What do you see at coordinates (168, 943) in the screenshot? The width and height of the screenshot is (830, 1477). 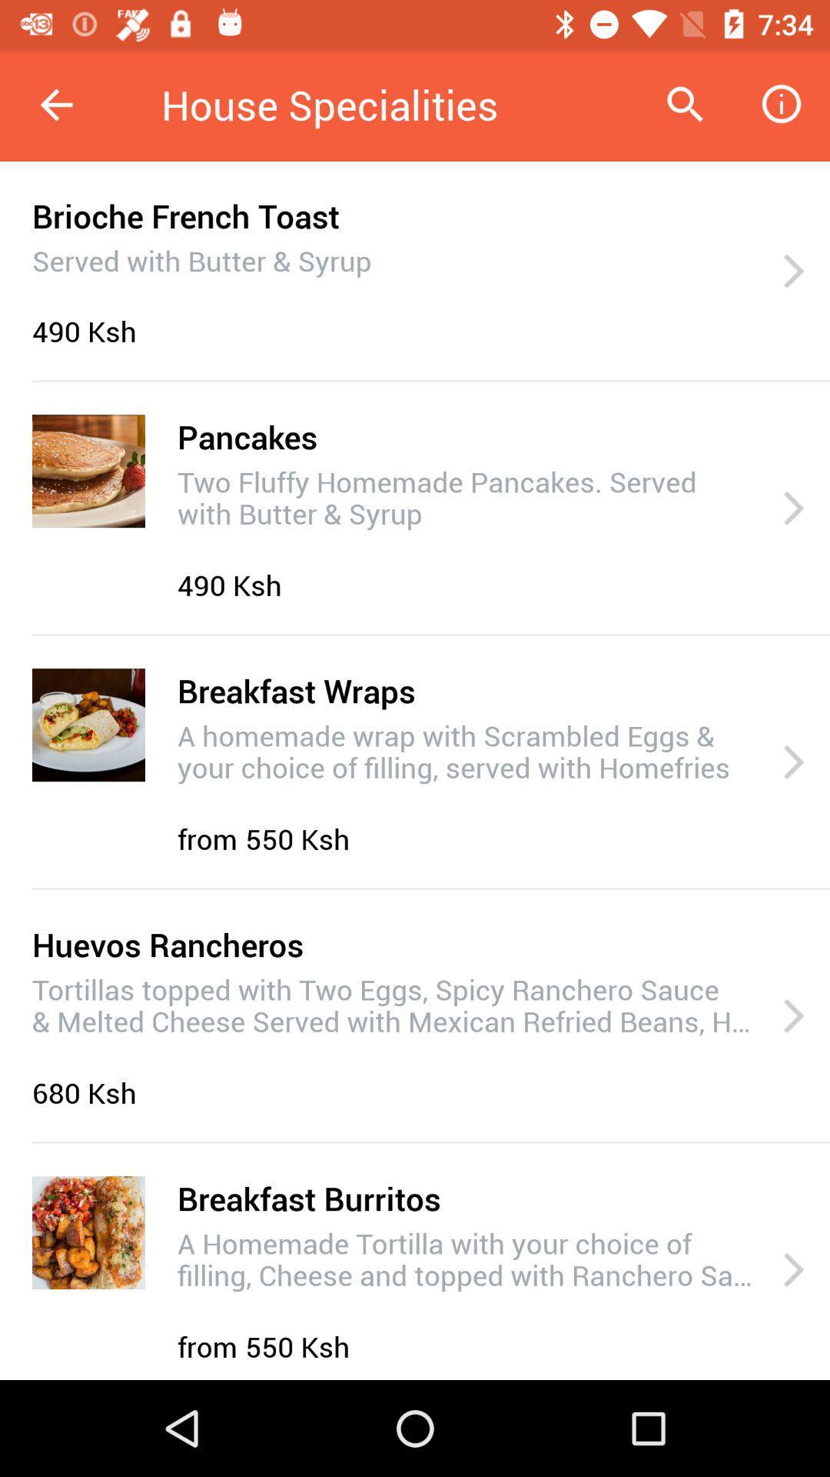 I see `icon above tortillas topped with icon` at bounding box center [168, 943].